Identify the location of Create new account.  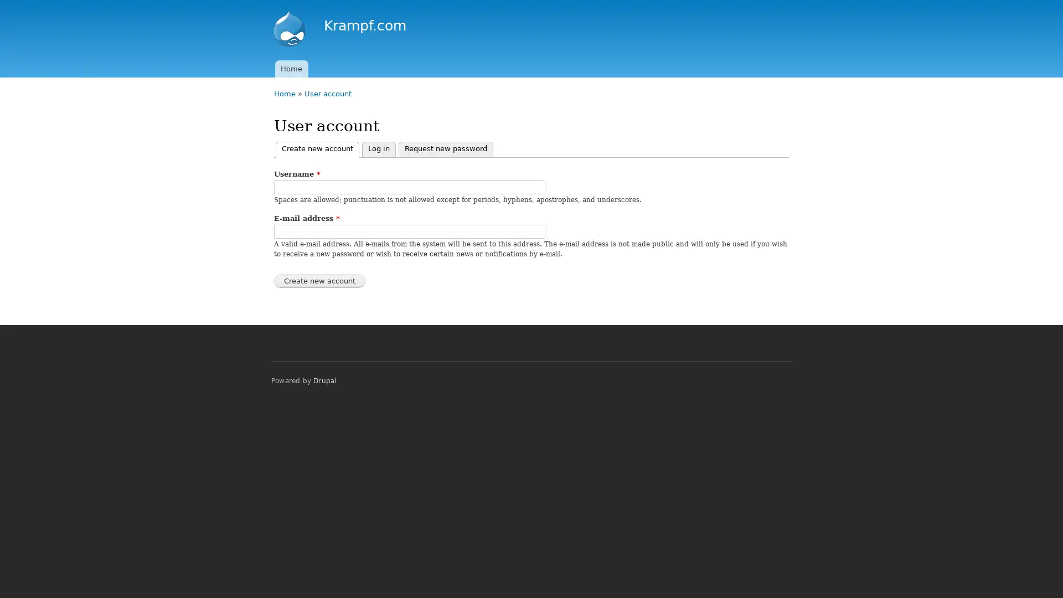
(319, 280).